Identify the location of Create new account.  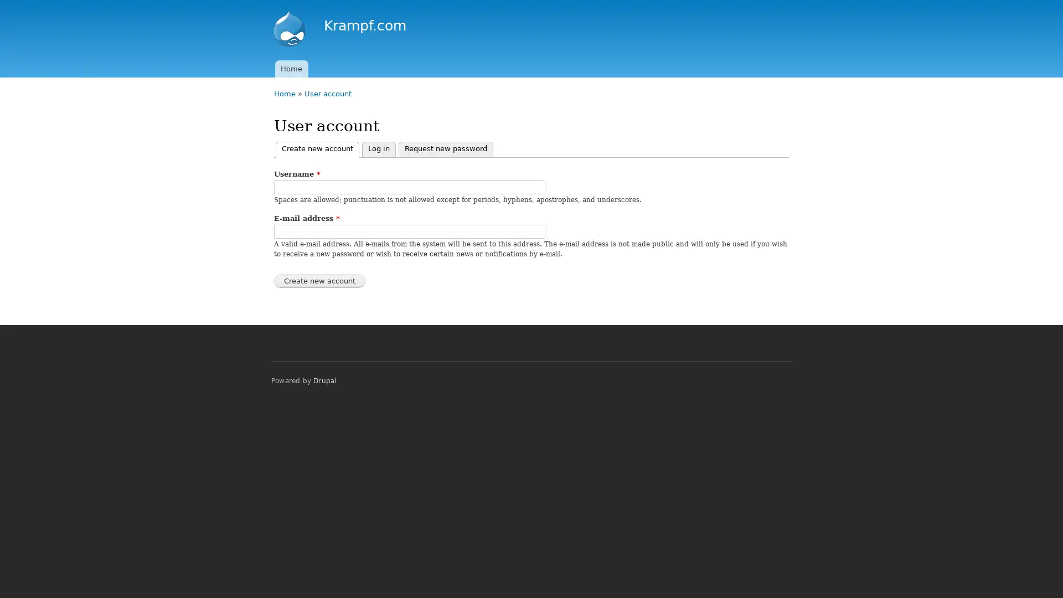
(319, 280).